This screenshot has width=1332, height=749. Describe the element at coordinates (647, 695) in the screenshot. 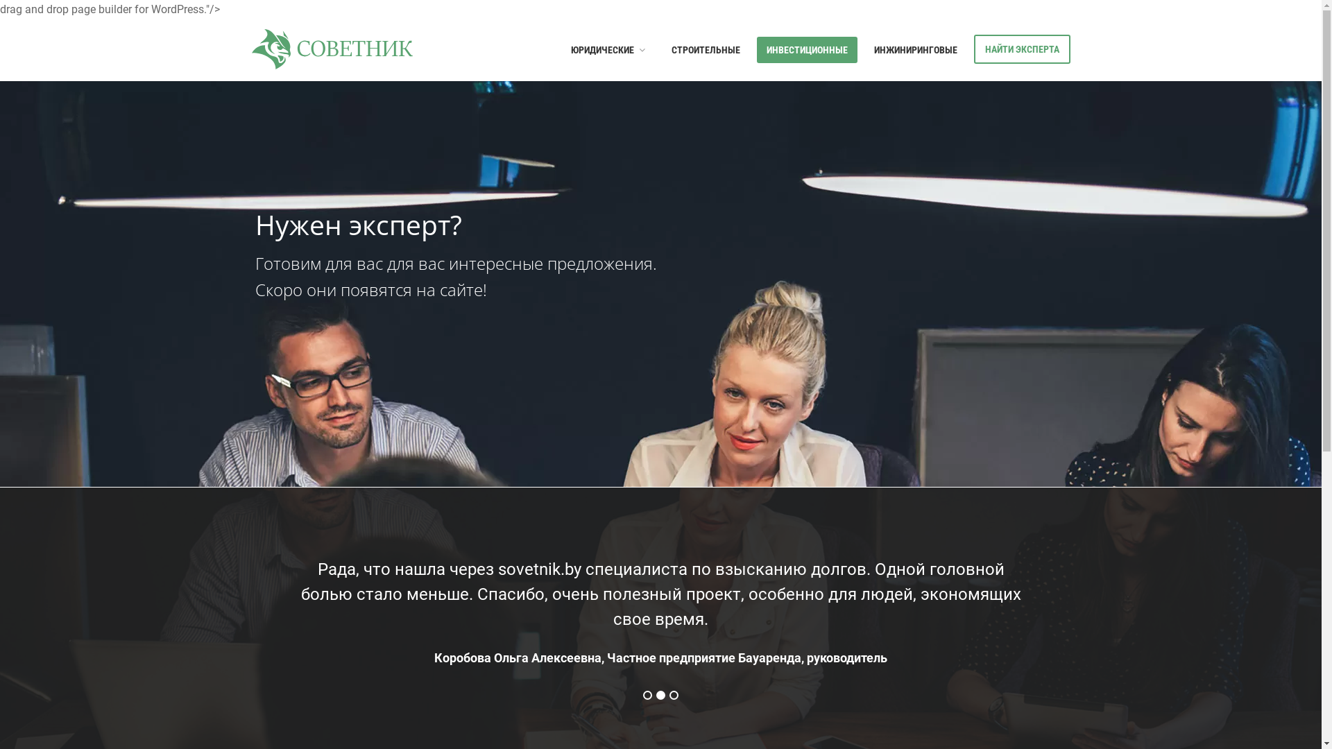

I see `'1'` at that location.